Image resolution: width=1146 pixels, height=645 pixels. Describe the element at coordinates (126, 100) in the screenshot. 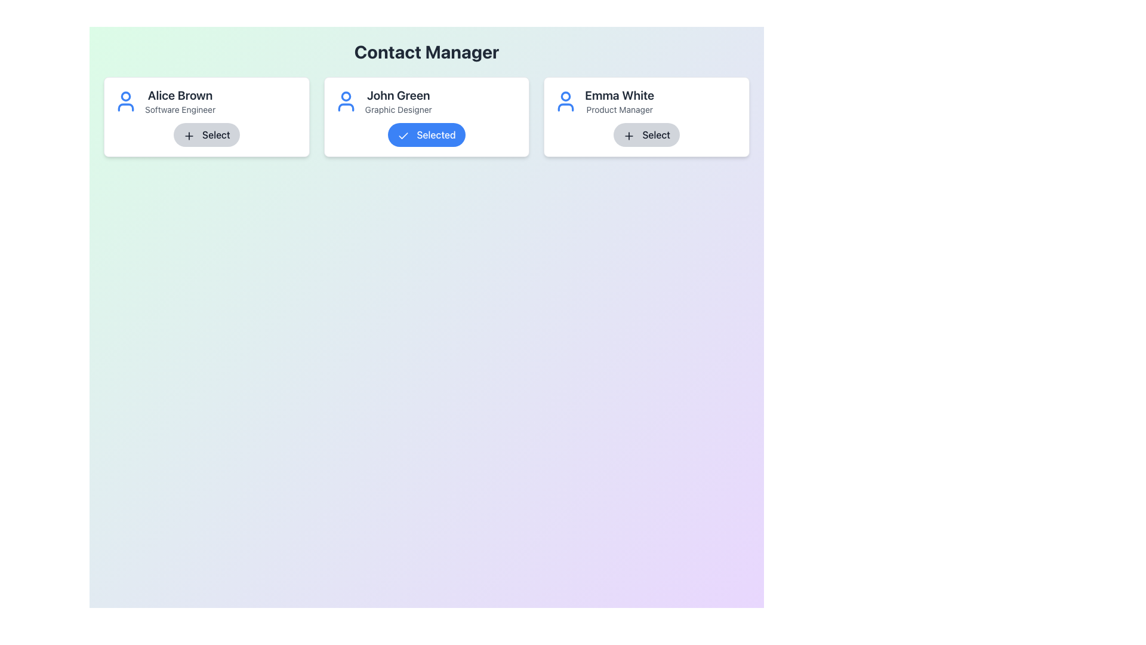

I see `the SVG image icon representing the user associated with the card, which is located to the left of the text 'Alice Brown Software Engineer' in the top-left corner of the card interface` at that location.